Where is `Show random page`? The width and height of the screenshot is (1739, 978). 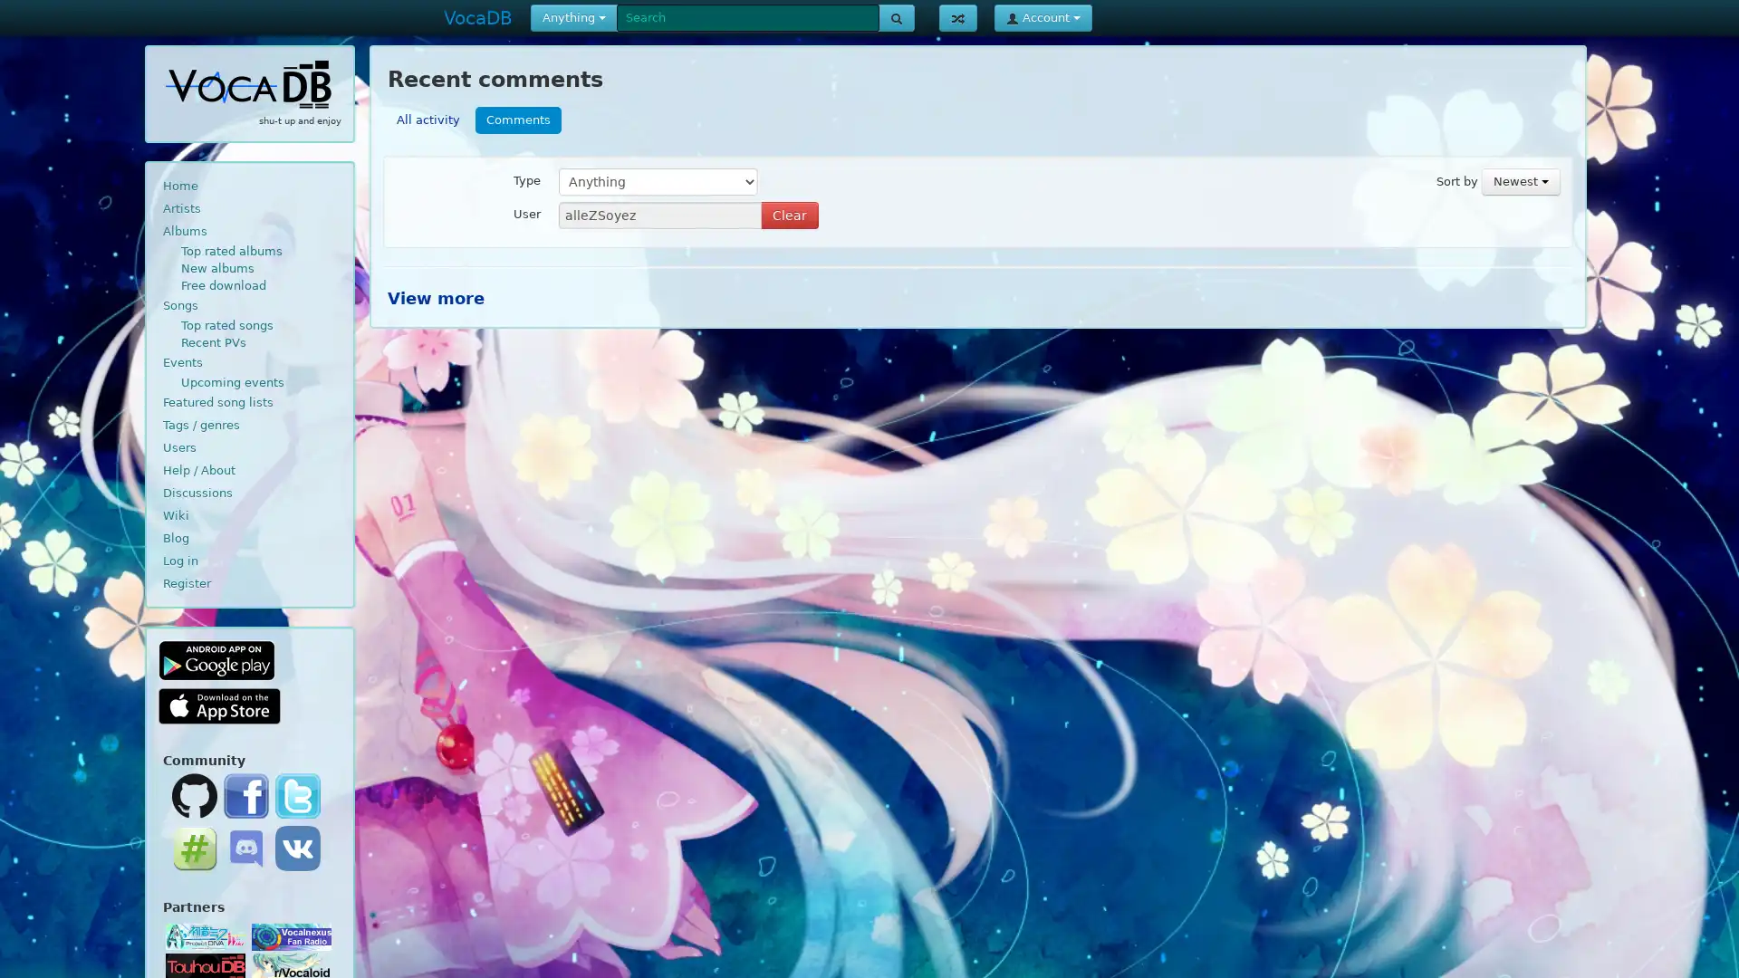 Show random page is located at coordinates (956, 17).